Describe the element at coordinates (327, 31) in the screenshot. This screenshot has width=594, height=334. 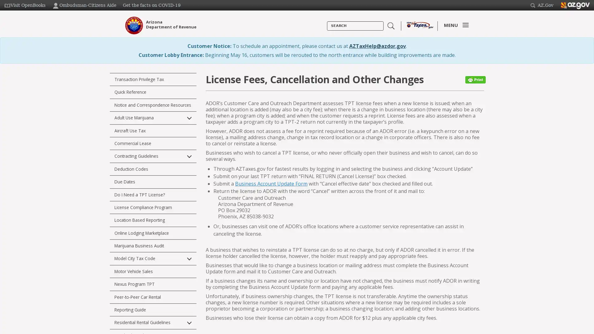
I see `Search` at that location.